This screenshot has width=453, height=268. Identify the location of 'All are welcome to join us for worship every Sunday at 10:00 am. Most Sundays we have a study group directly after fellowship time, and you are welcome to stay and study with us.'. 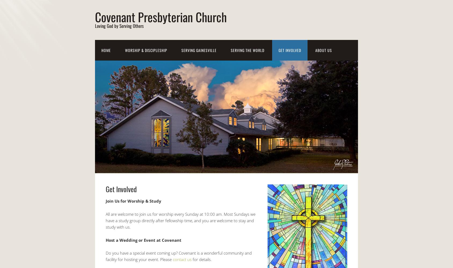
(180, 220).